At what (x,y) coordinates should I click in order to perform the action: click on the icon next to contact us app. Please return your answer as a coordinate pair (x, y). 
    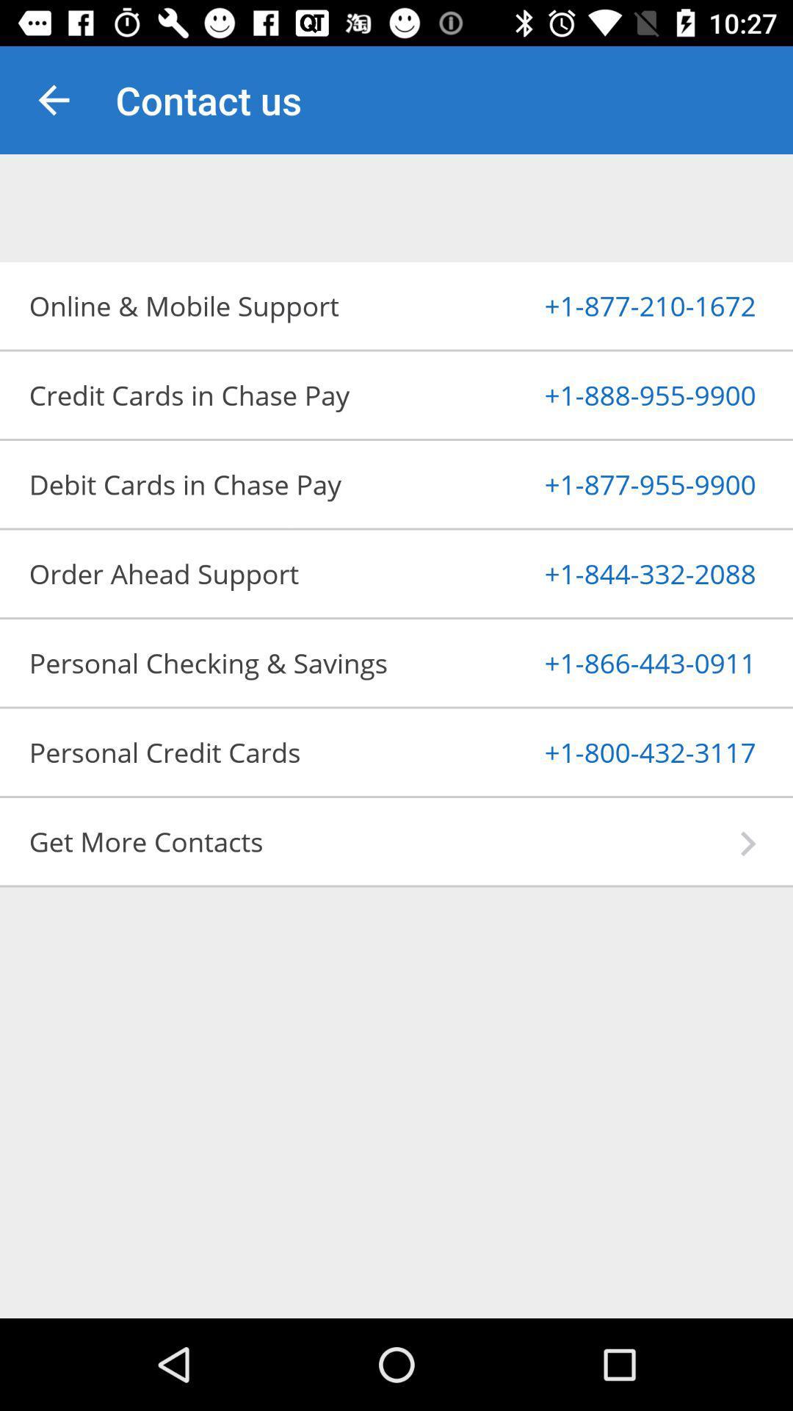
    Looking at the image, I should click on (53, 99).